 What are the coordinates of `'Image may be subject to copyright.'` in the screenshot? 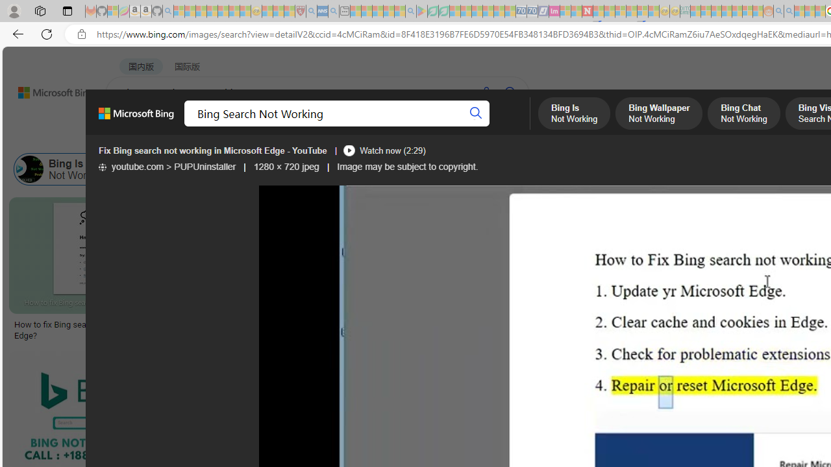 It's located at (406, 166).